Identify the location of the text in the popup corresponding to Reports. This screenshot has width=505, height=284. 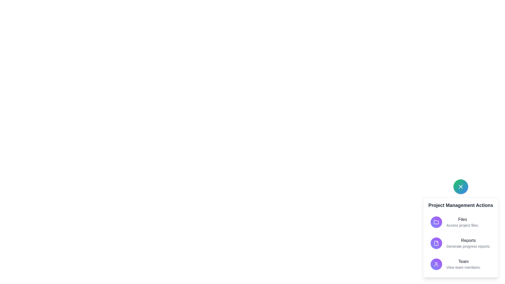
(468, 240).